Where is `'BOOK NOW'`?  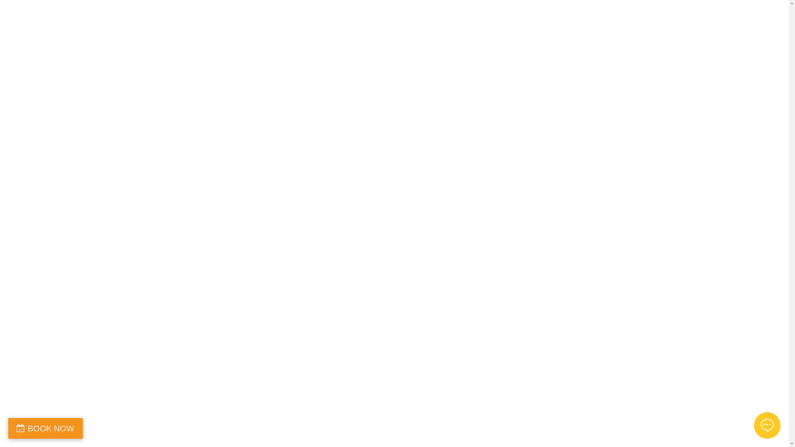 'BOOK NOW' is located at coordinates (45, 428).